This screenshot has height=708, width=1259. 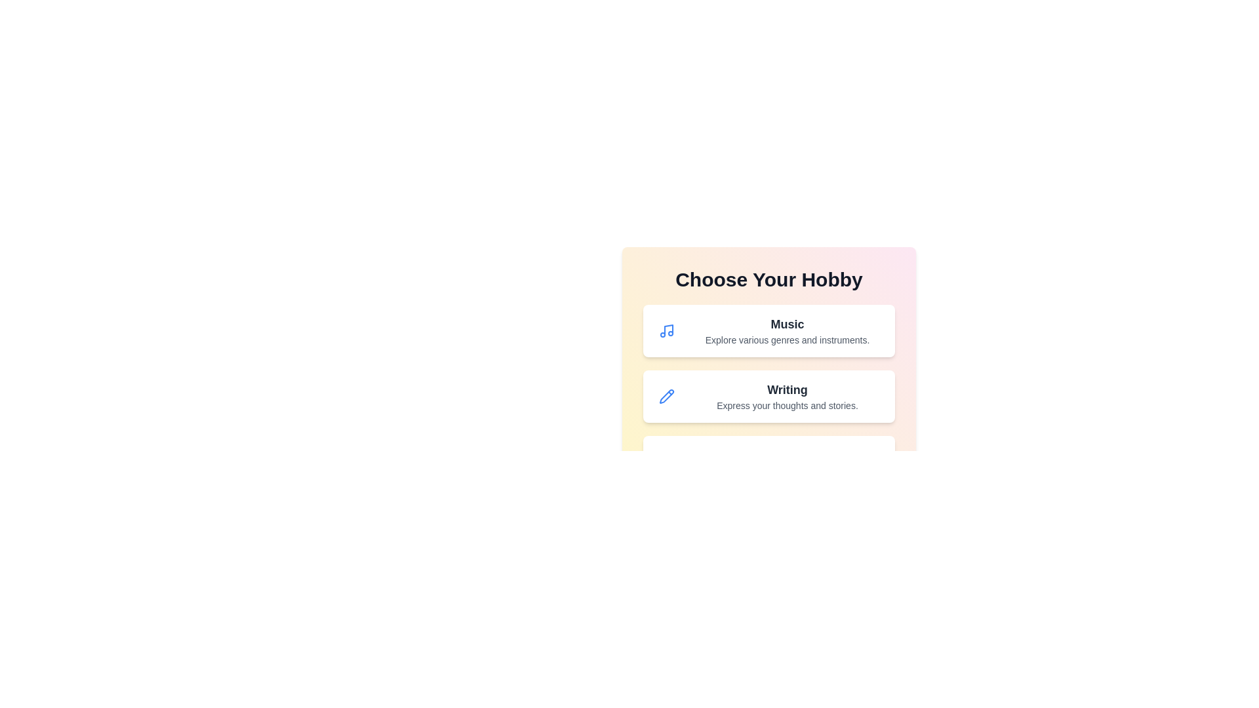 What do you see at coordinates (667, 396) in the screenshot?
I see `the icon corresponding to Writing to inspect its design` at bounding box center [667, 396].